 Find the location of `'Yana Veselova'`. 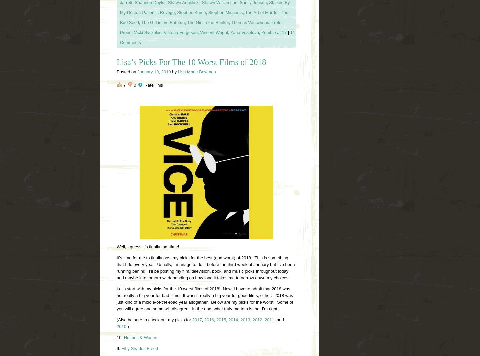

'Yana Veselova' is located at coordinates (244, 32).